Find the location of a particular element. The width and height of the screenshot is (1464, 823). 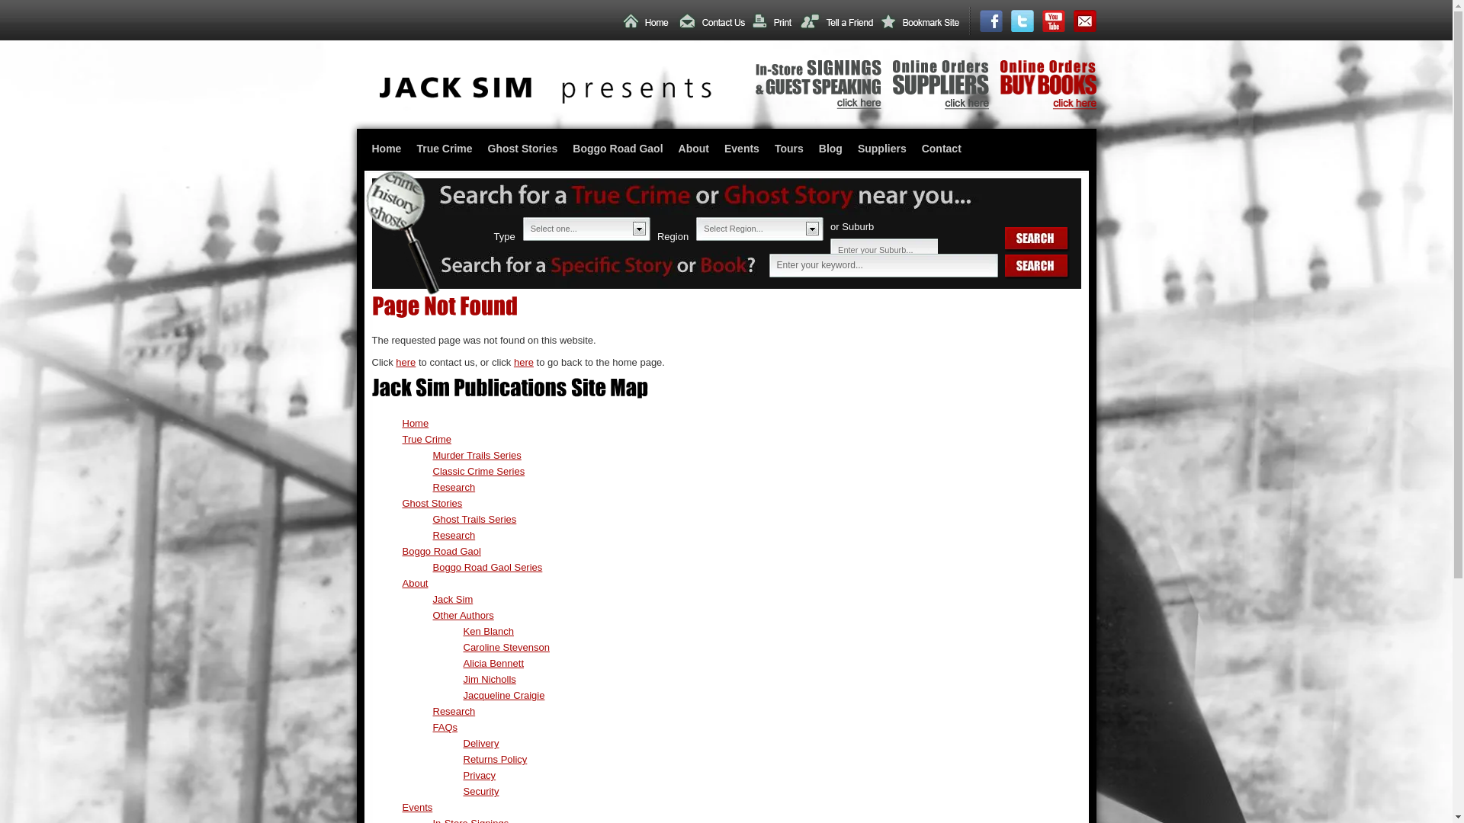

'Research' is located at coordinates (453, 711).